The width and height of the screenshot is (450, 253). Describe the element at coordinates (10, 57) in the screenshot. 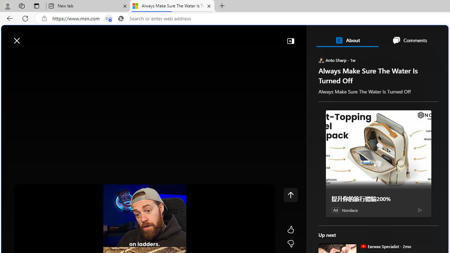

I see `'Class: button-glyph'` at that location.